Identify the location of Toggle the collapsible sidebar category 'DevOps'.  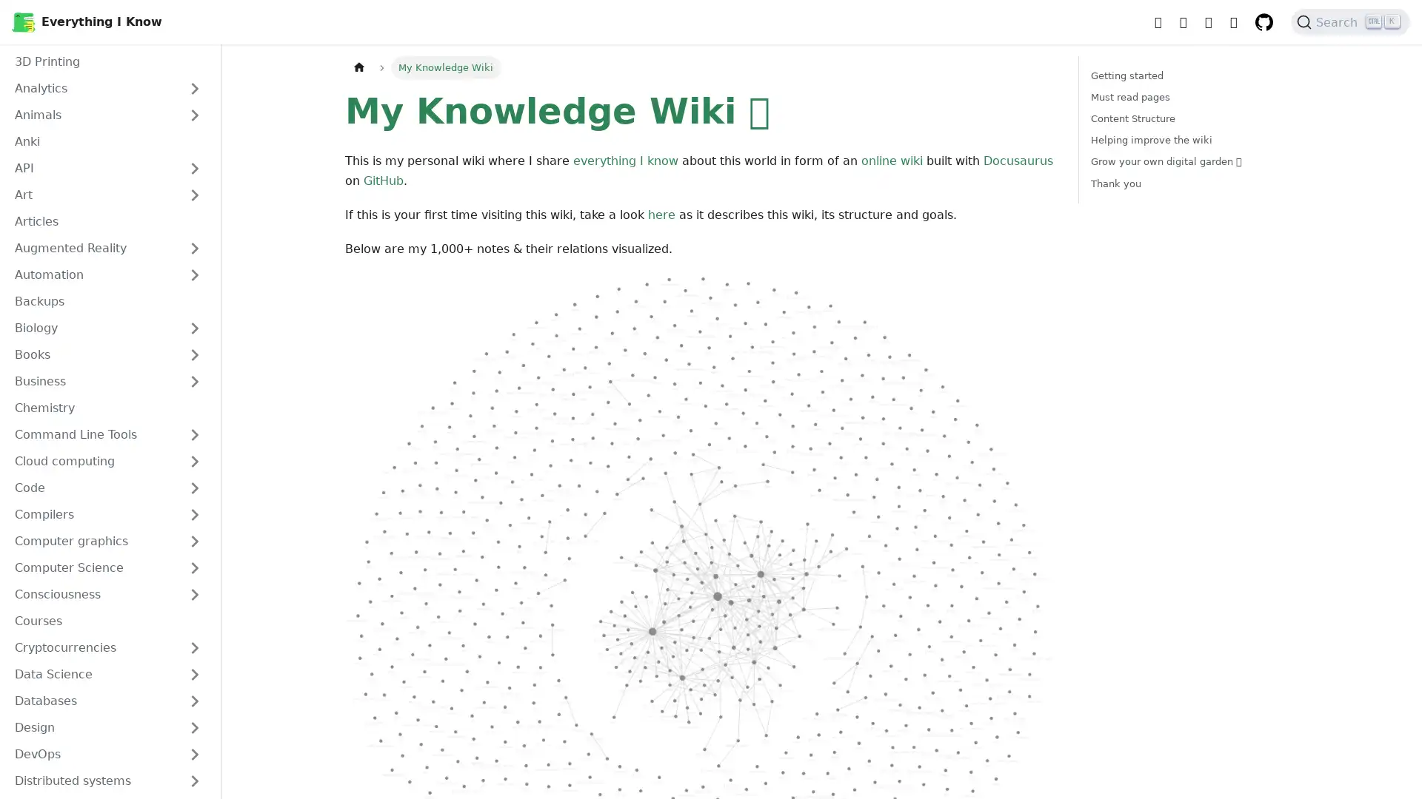
(194, 754).